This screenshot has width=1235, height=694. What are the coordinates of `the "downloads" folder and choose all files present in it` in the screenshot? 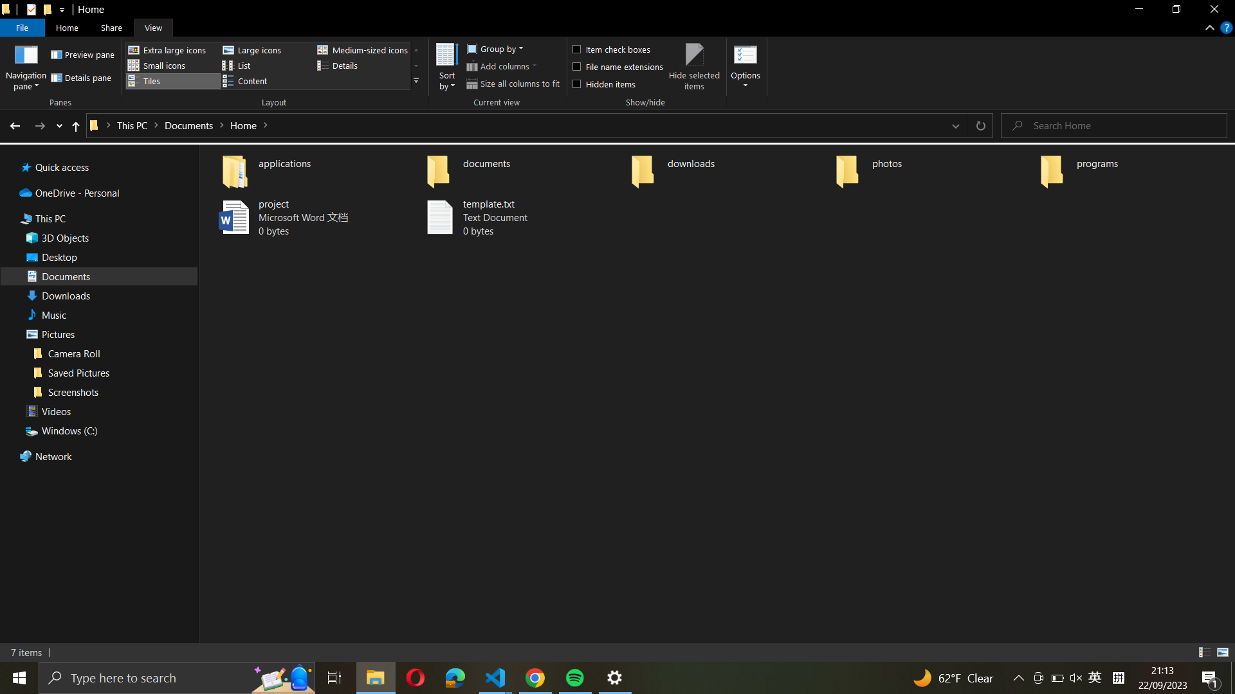 It's located at (728, 168).